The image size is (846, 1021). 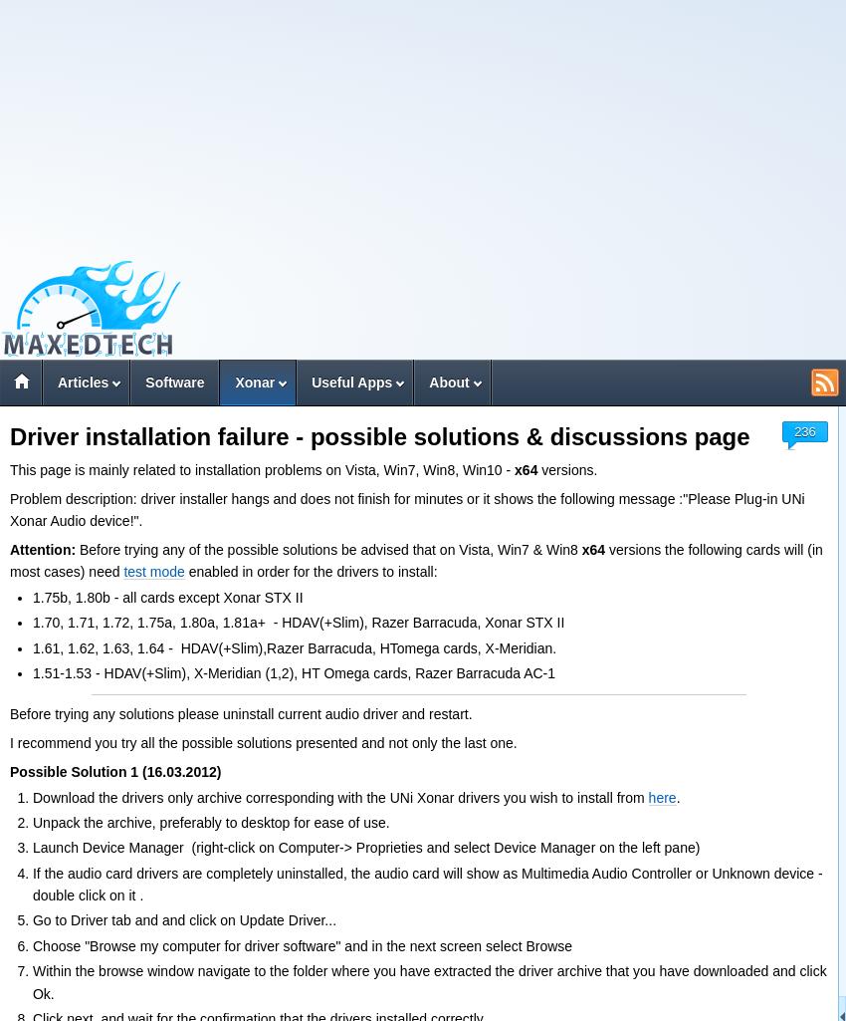 What do you see at coordinates (311, 572) in the screenshot?
I see `'enabled in order for the drivers to install:'` at bounding box center [311, 572].